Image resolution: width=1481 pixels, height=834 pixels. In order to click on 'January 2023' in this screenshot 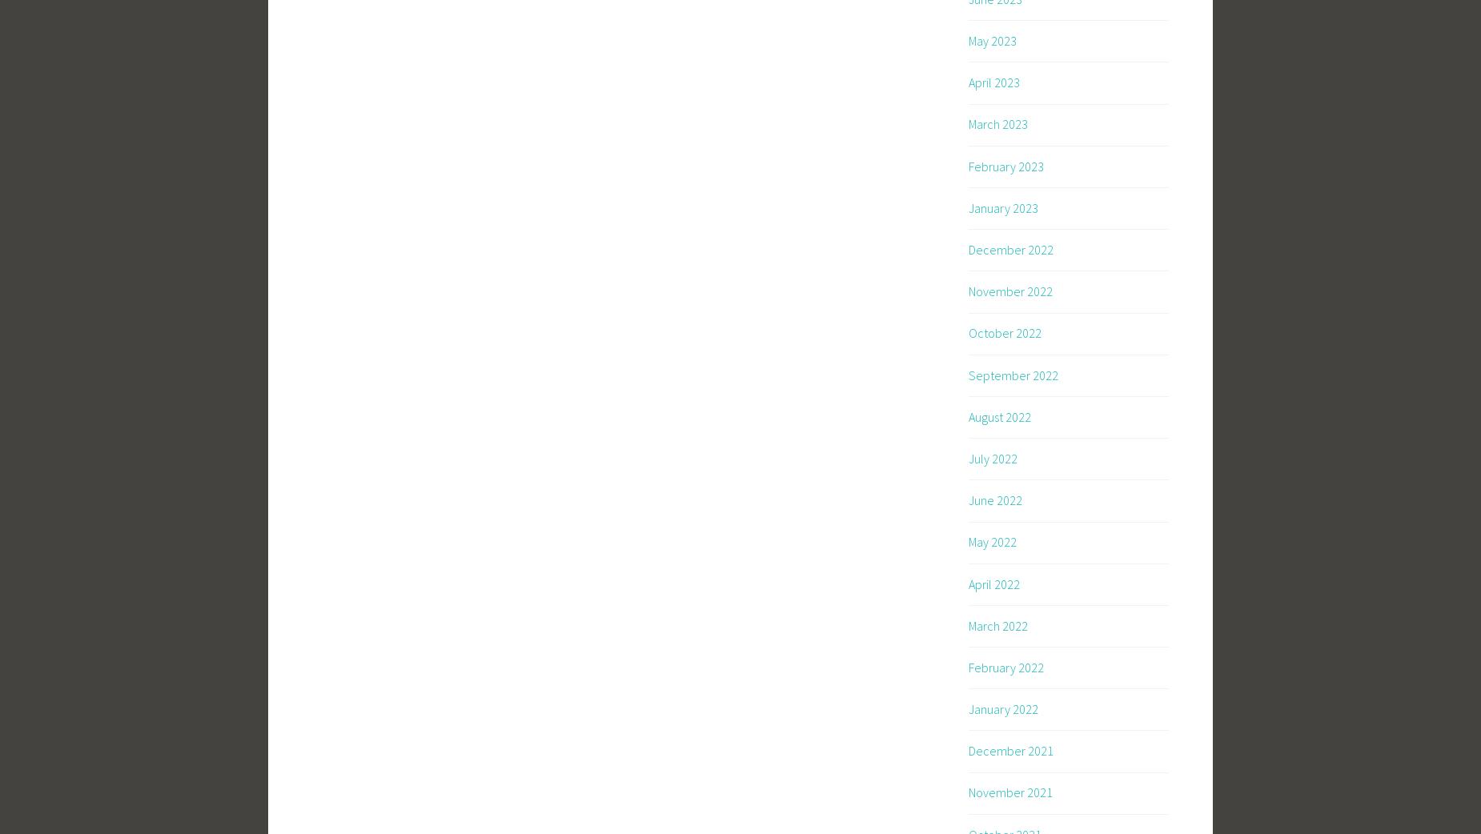, I will do `click(1002, 206)`.